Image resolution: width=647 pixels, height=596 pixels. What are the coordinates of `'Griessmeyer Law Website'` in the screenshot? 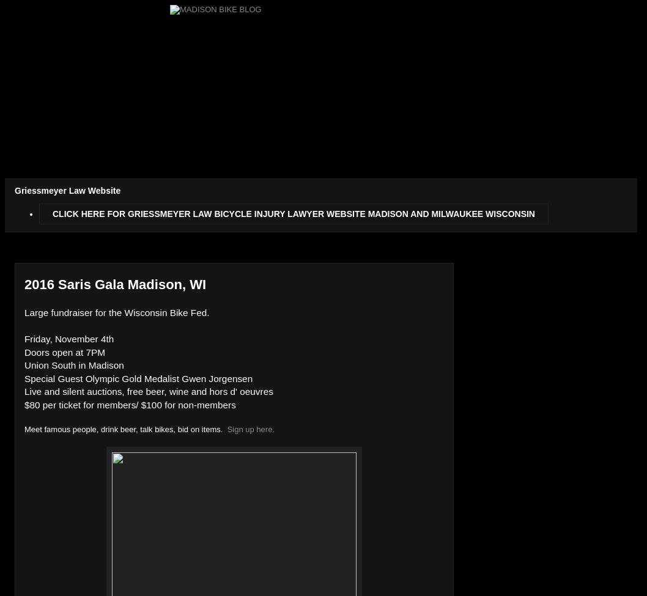 It's located at (67, 189).